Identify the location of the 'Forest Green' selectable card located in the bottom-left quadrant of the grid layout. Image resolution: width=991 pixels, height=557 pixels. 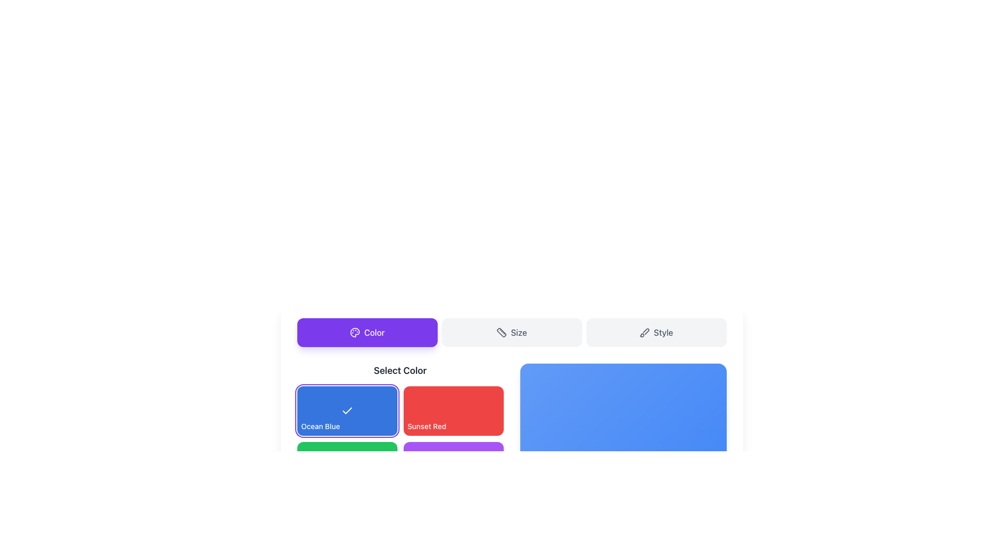
(347, 467).